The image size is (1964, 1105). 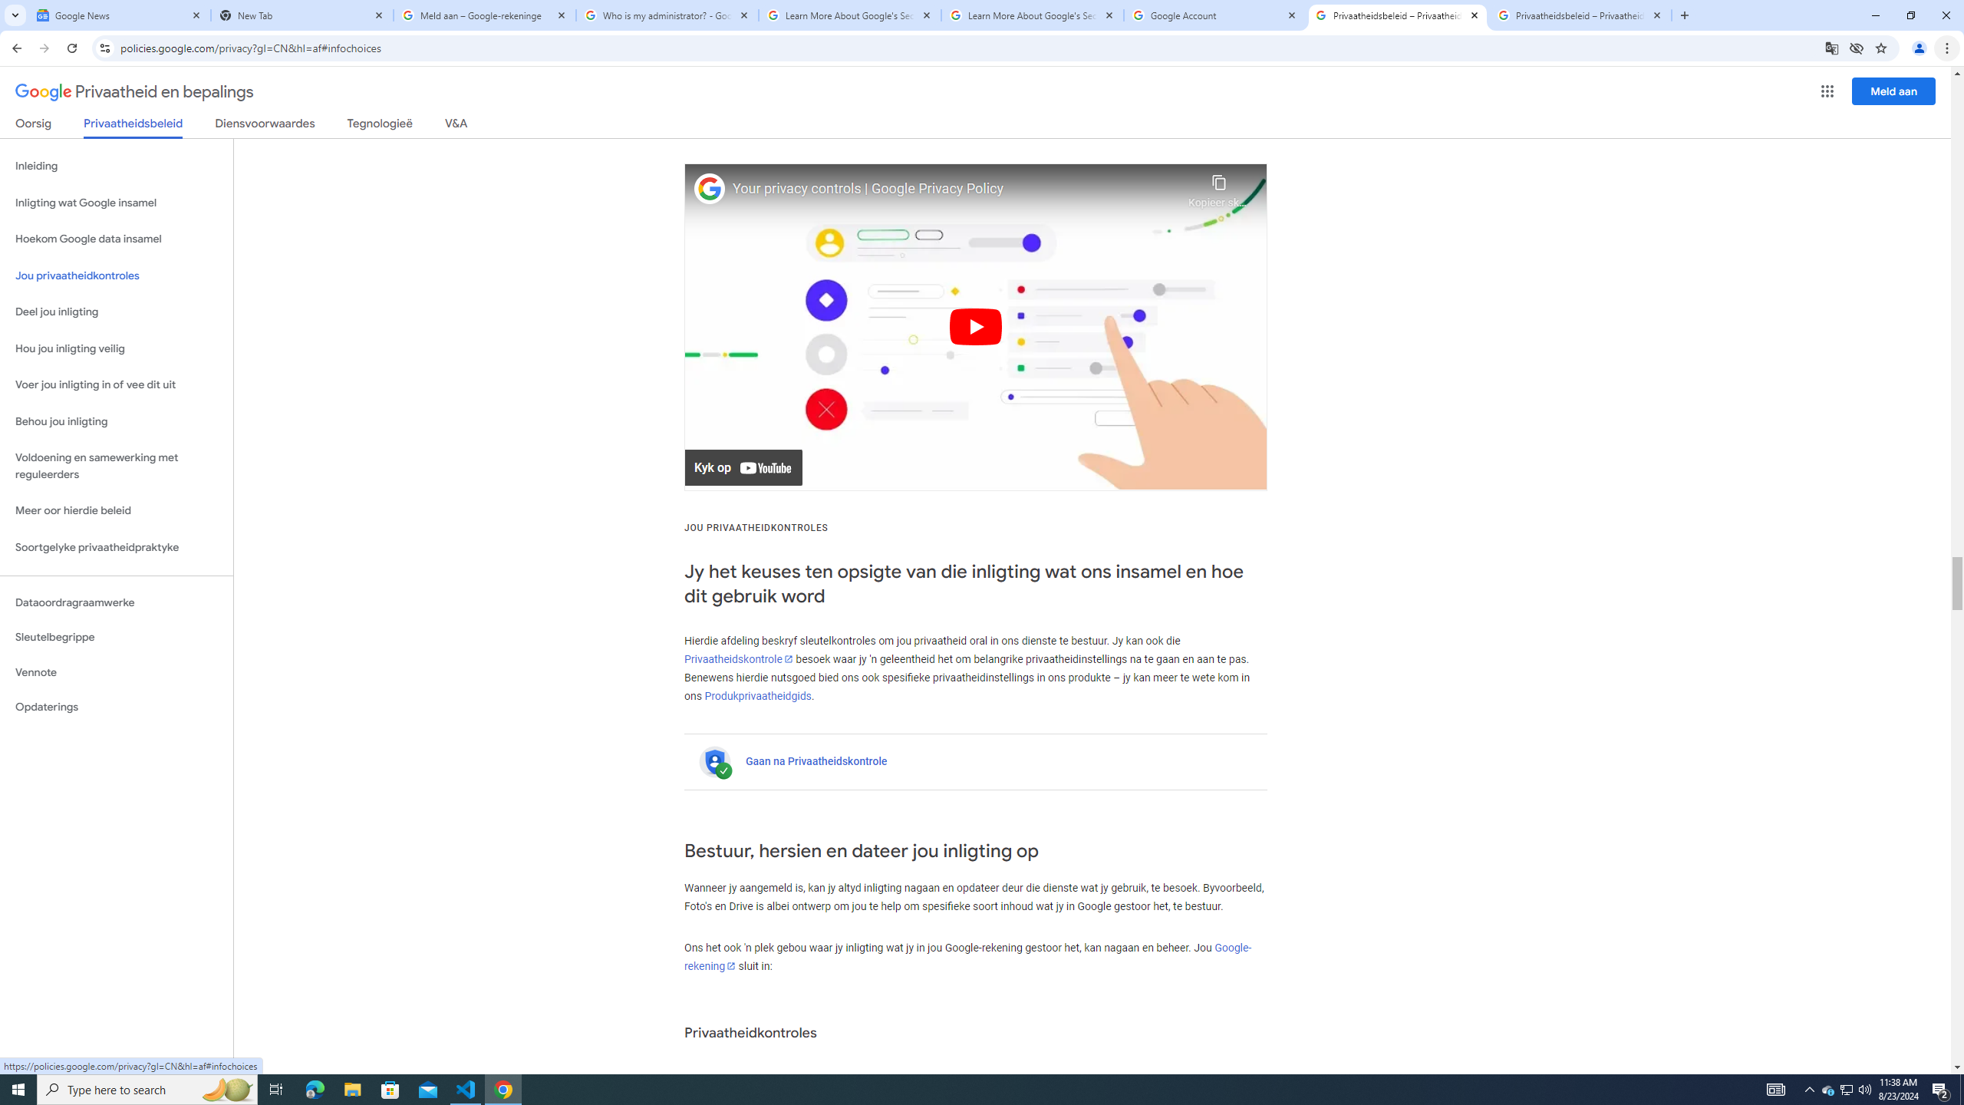 I want to click on 'V&A', so click(x=454, y=126).